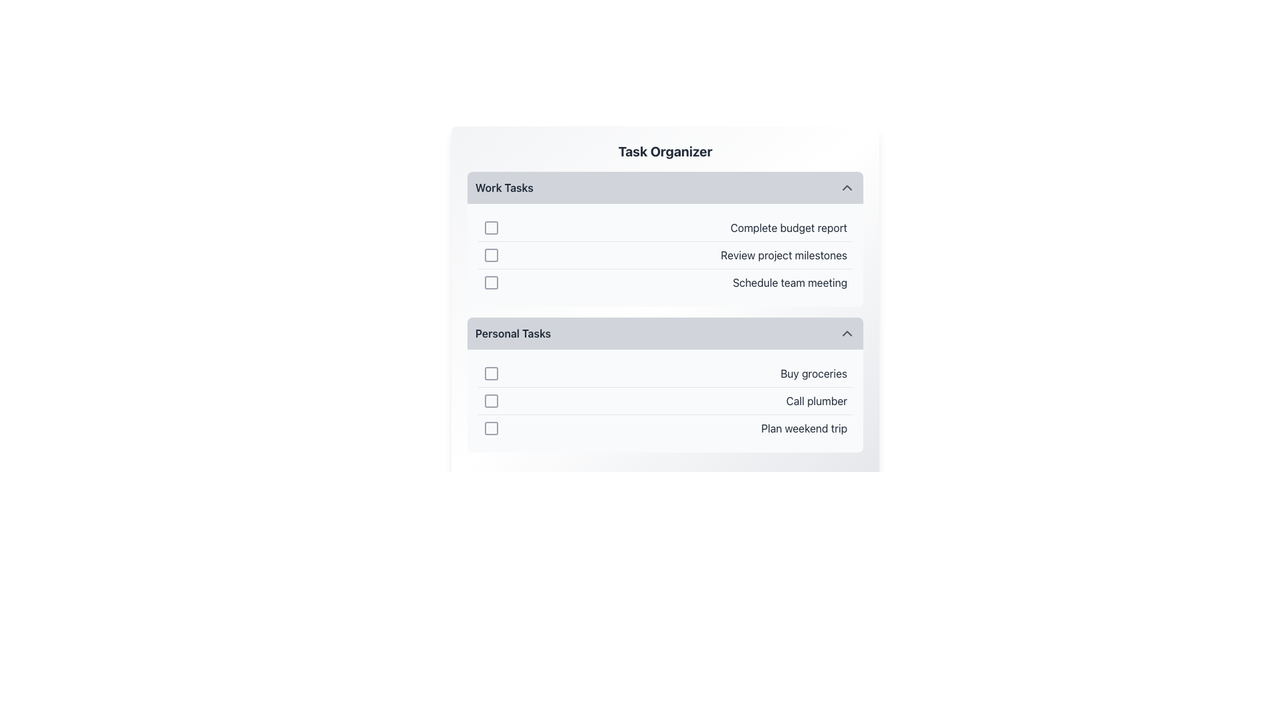  What do you see at coordinates (665, 374) in the screenshot?
I see `the checkbox of the first task item labeled 'Buy groceries' in the 'Personal Tasks' section` at bounding box center [665, 374].